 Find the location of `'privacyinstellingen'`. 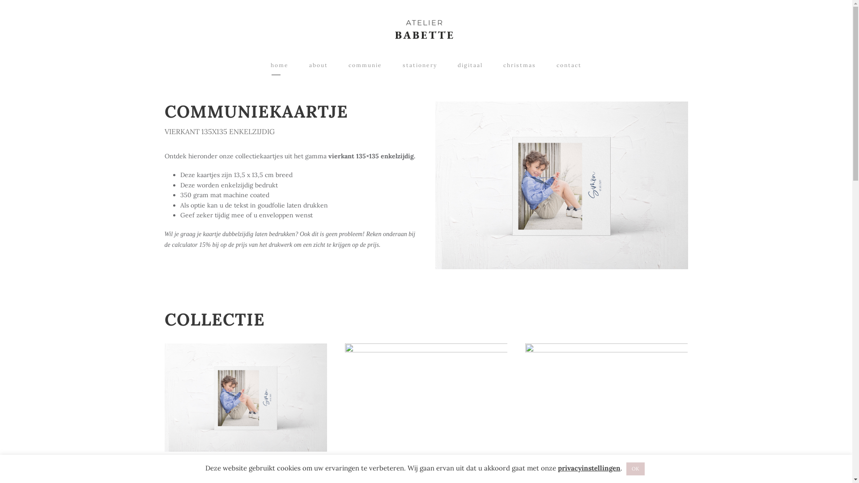

'privacyinstellingen' is located at coordinates (557, 467).